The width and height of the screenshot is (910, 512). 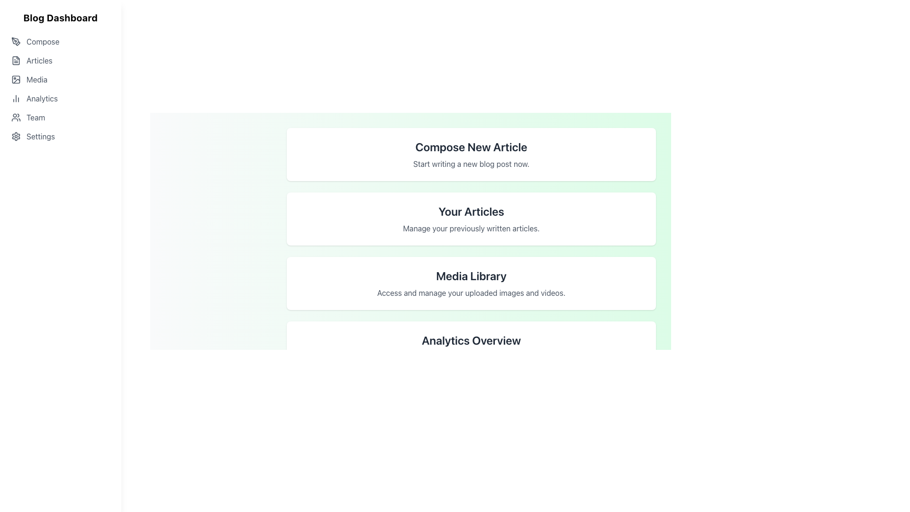 What do you see at coordinates (16, 137) in the screenshot?
I see `the 'Settings' icon located in the left-side navigation panel, which serves as a graphical representation for the settings menu option` at bounding box center [16, 137].